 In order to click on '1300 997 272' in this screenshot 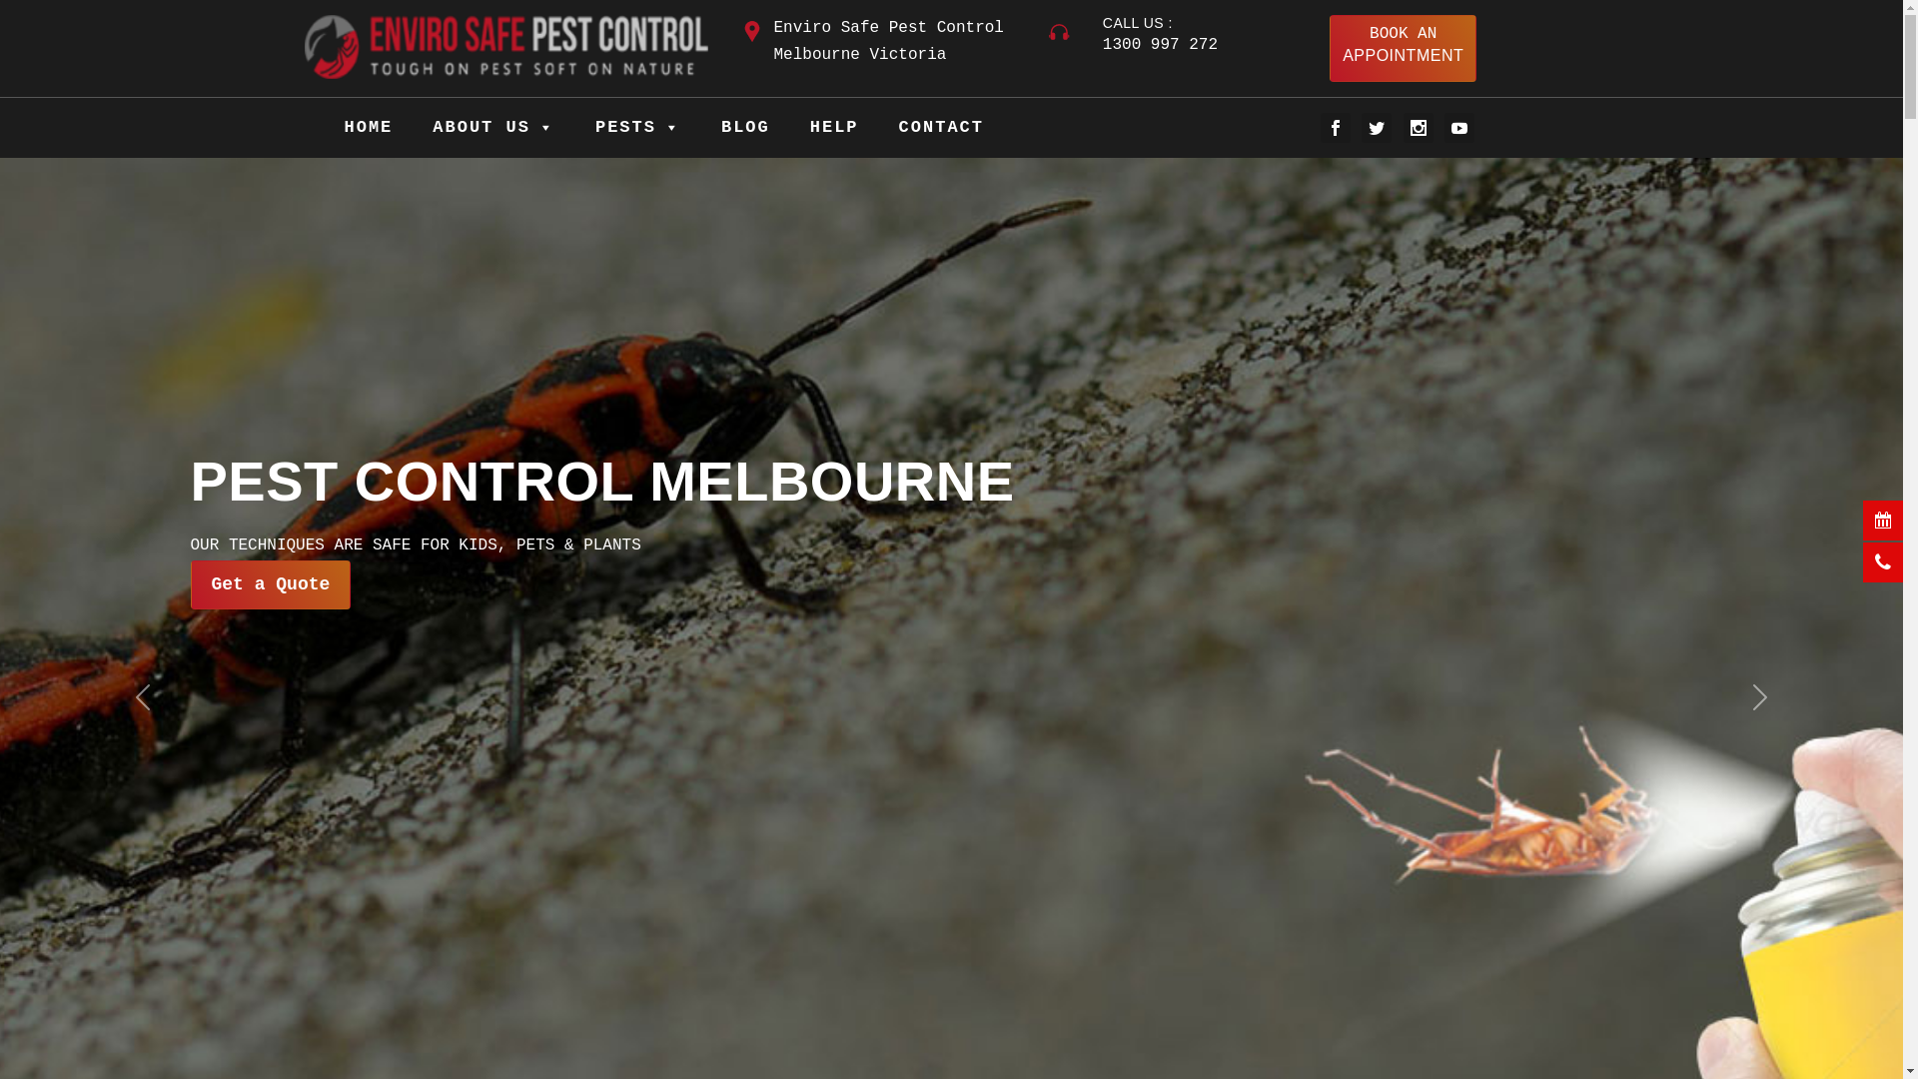, I will do `click(1160, 45)`.